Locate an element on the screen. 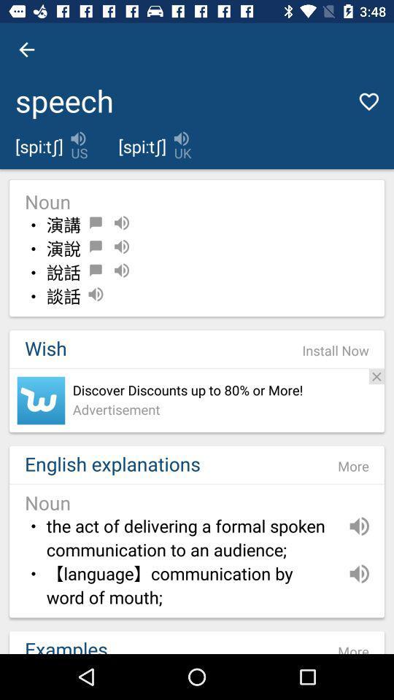 The width and height of the screenshot is (394, 700). more which is at the bottom right corner of the page is located at coordinates (352, 645).